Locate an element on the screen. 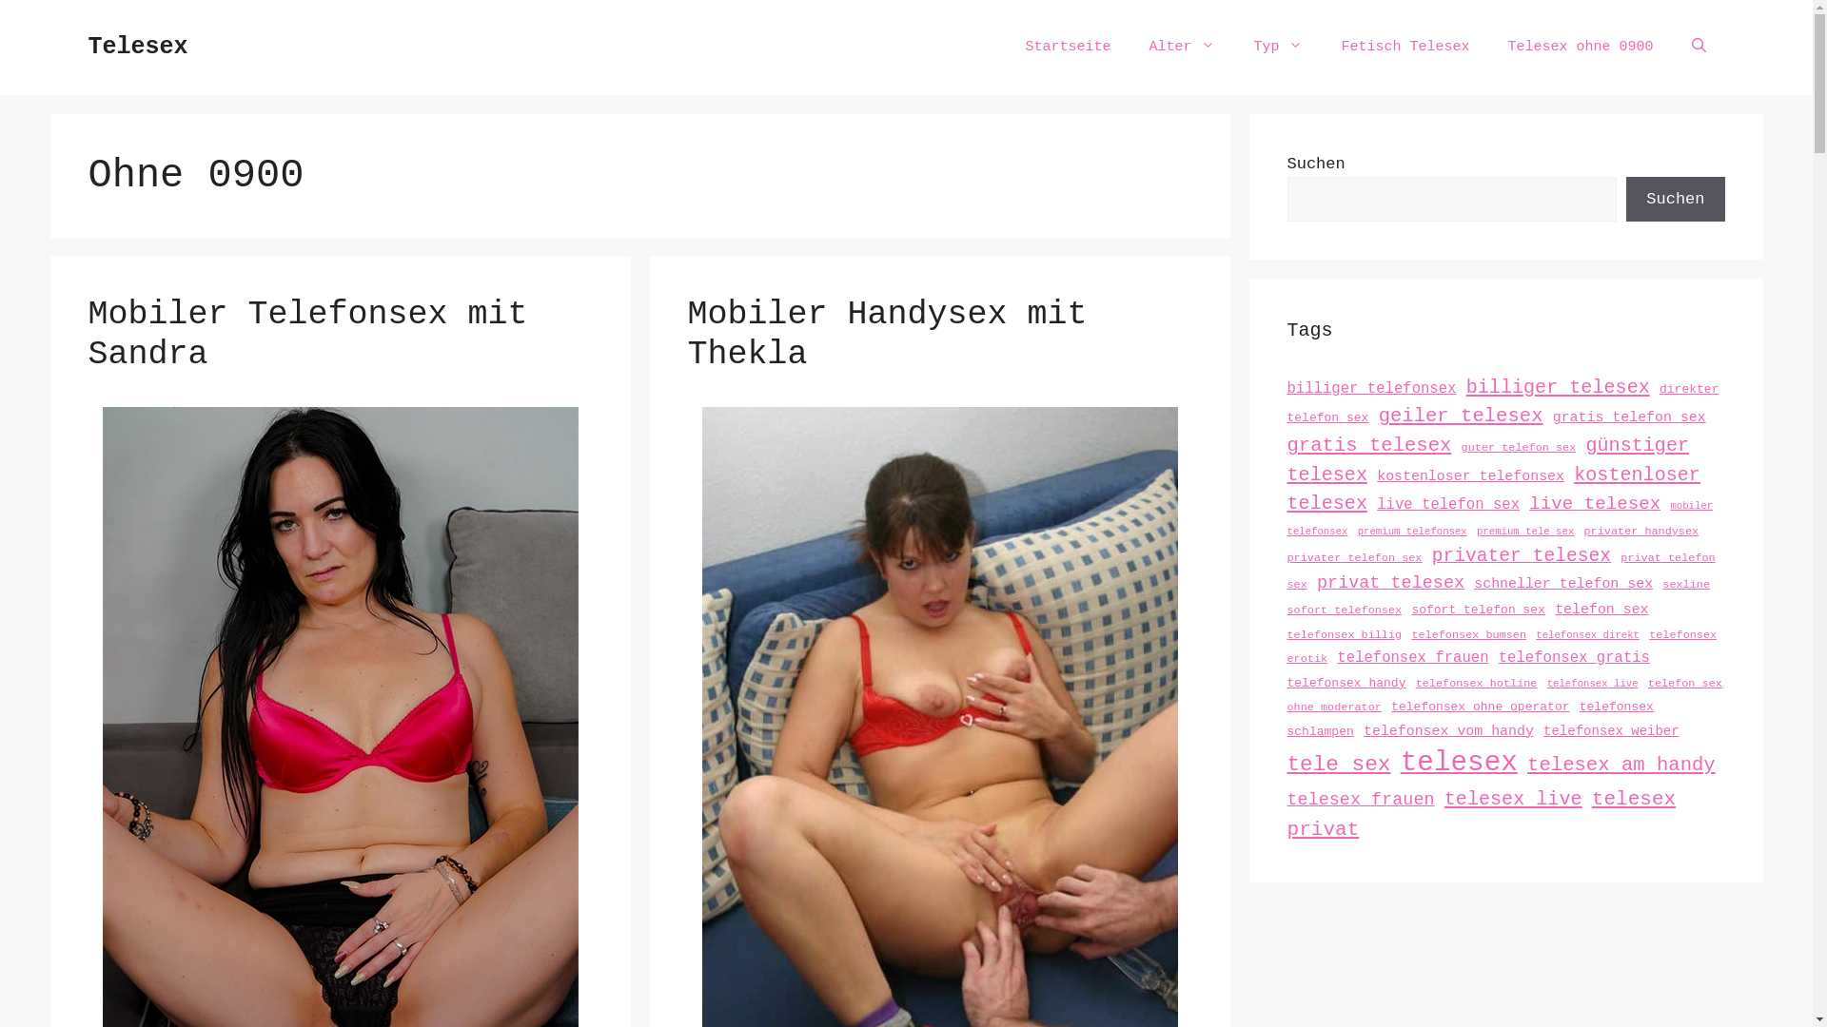 Image resolution: width=1827 pixels, height=1027 pixels. 'Suchen' is located at coordinates (1675, 199).